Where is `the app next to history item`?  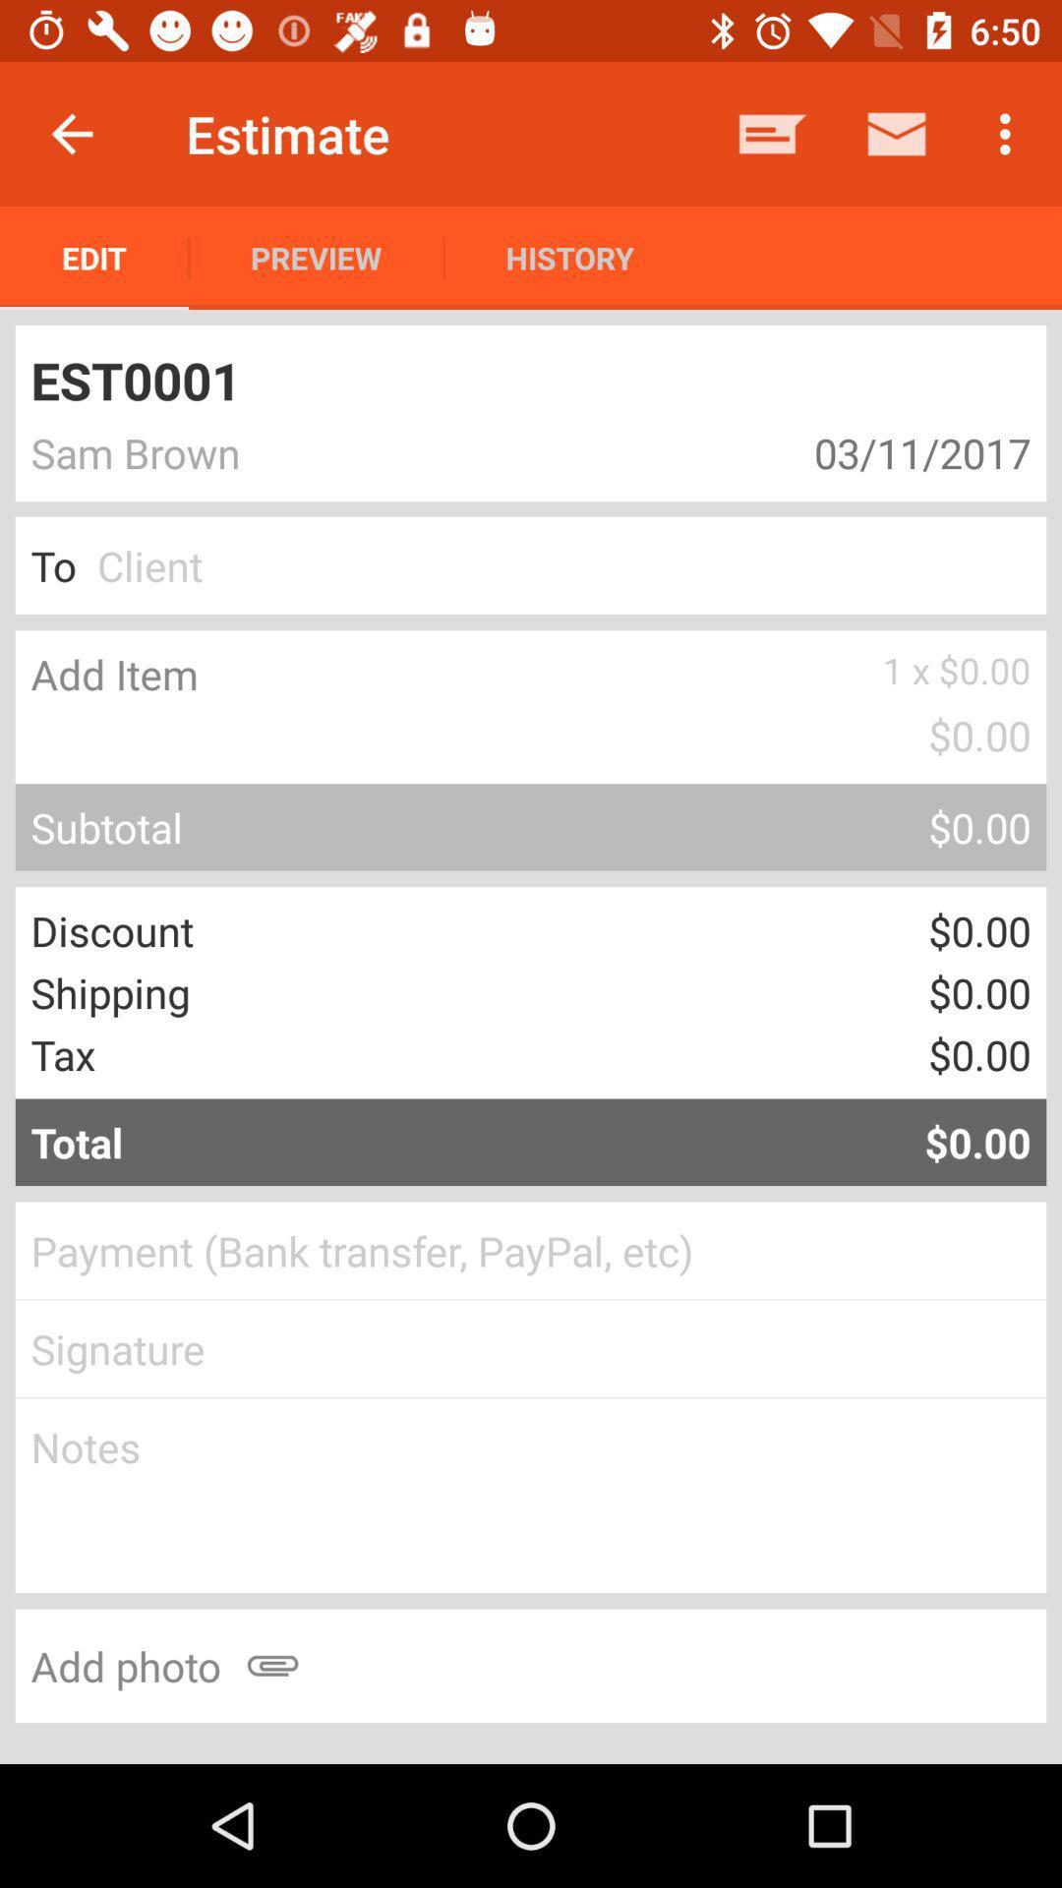
the app next to history item is located at coordinates (315, 257).